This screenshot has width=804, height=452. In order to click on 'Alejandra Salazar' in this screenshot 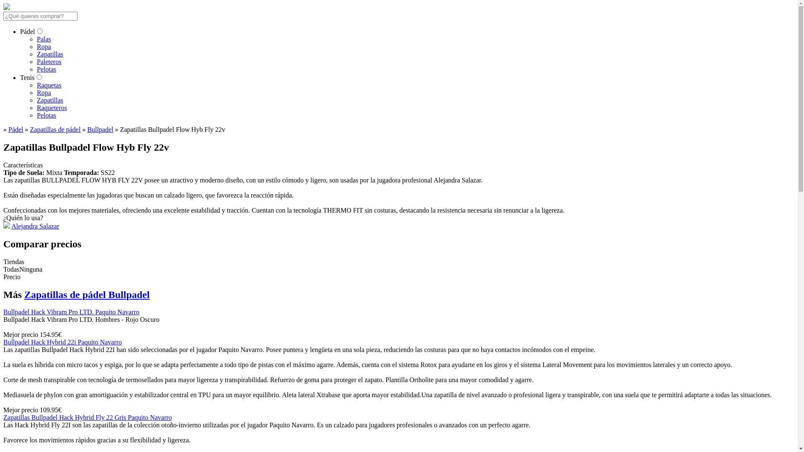, I will do `click(35, 226)`.